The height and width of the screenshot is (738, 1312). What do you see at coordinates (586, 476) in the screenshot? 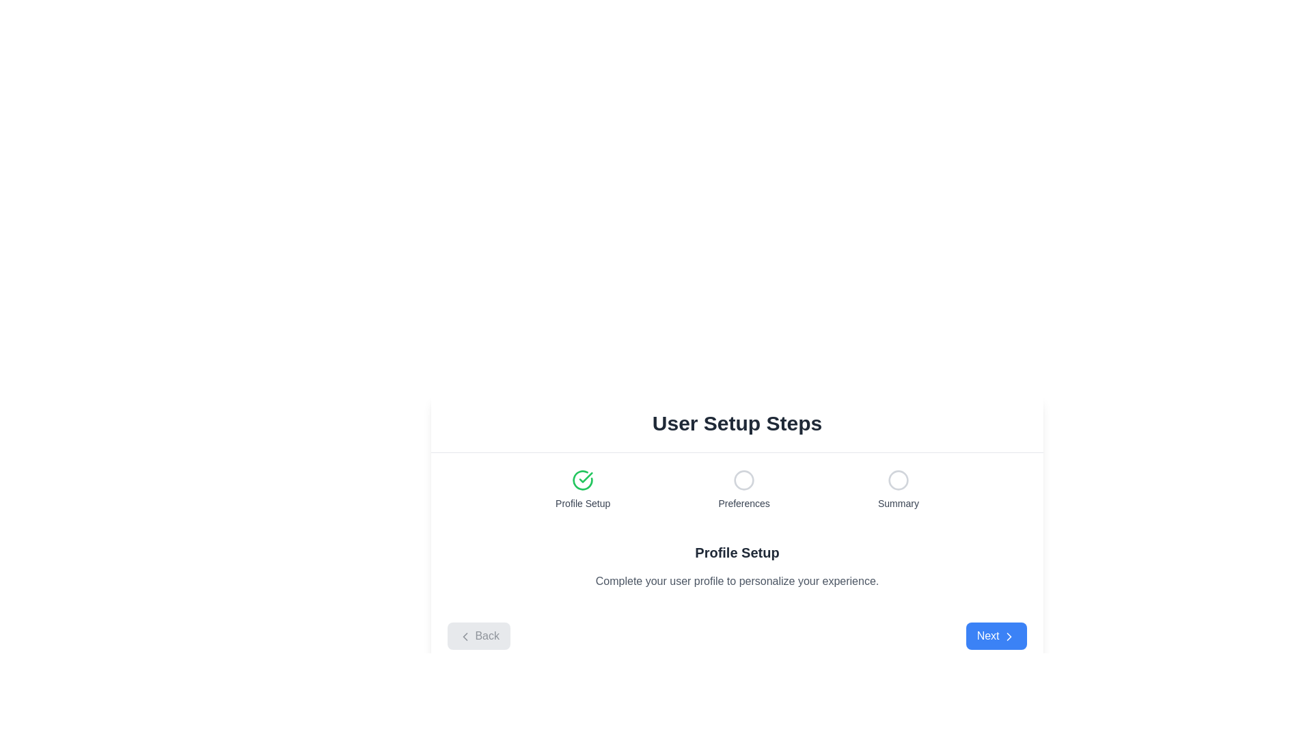
I see `the green tick mark icon within the circular 'Profile Setup' step icon, which indicates completed tasks in the user setup progress bar` at bounding box center [586, 476].